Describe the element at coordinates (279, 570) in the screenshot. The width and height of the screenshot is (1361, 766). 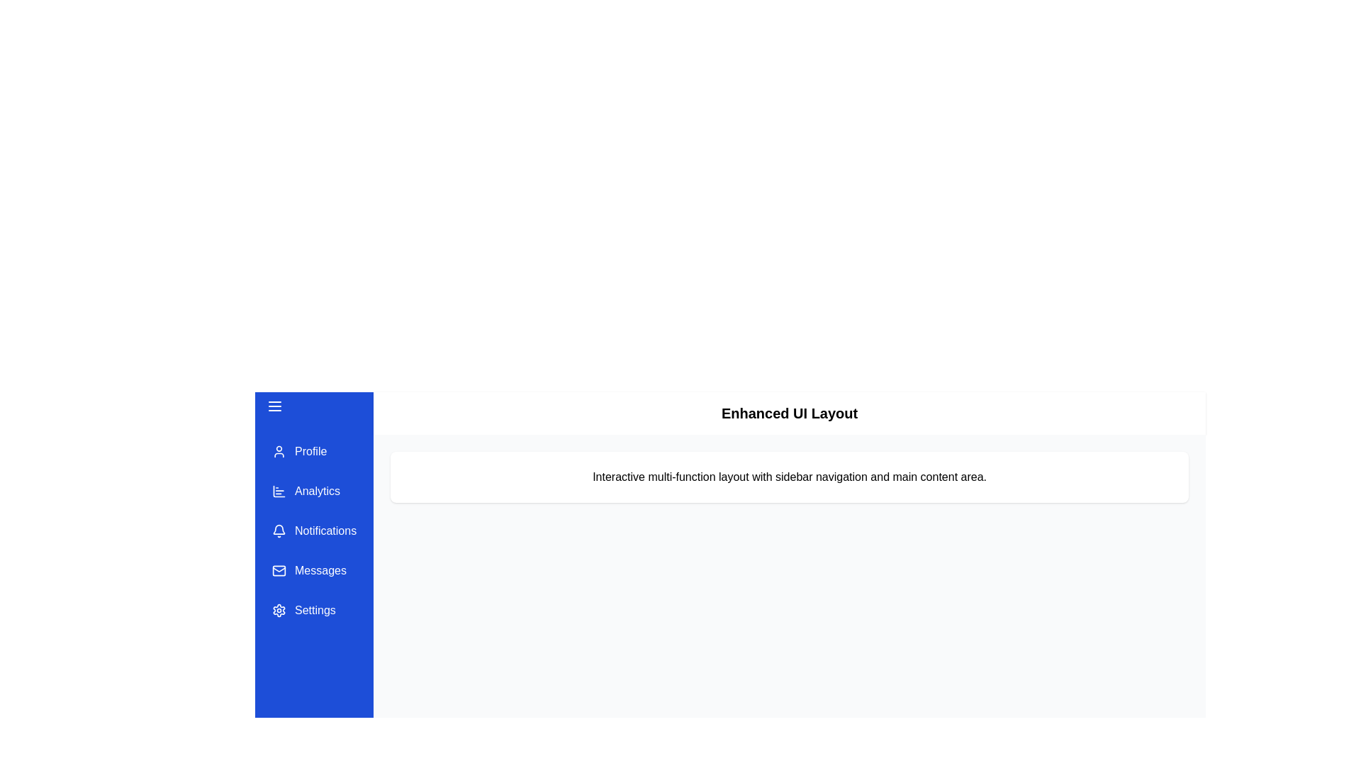
I see `the 'Messages' icon located in the sidebar, which is positioned between the 'Notifications' and 'Settings' menu items` at that location.